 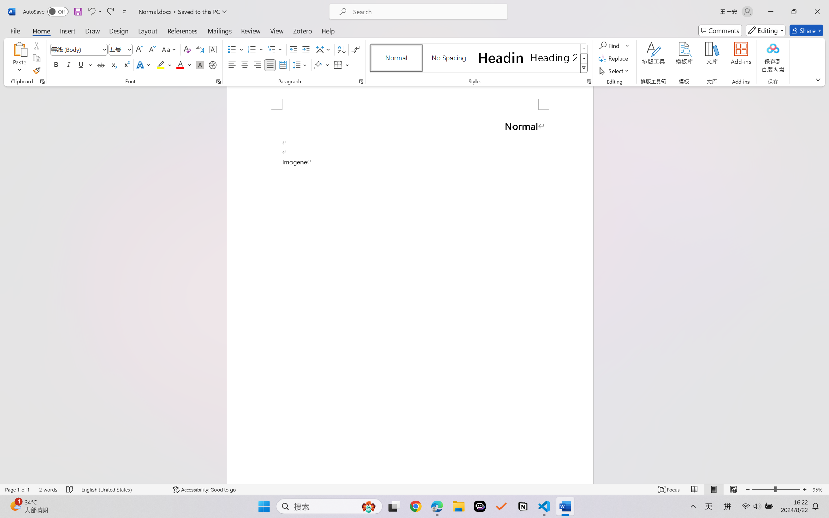 I want to click on 'Replace...', so click(x=614, y=58).